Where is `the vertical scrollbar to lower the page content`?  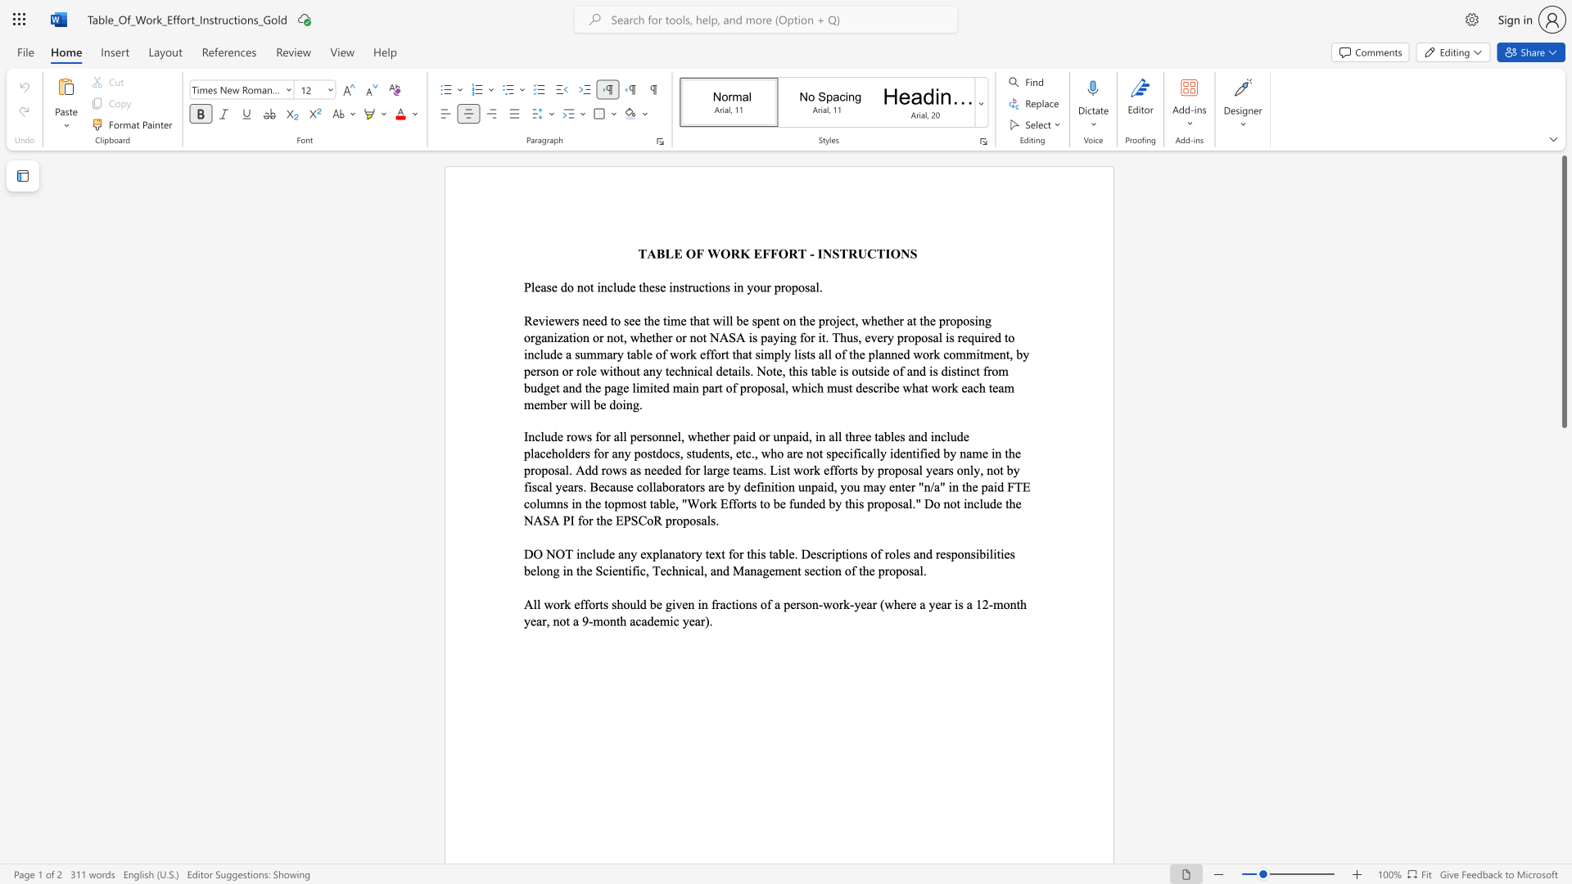
the vertical scrollbar to lower the page content is located at coordinates (1563, 589).